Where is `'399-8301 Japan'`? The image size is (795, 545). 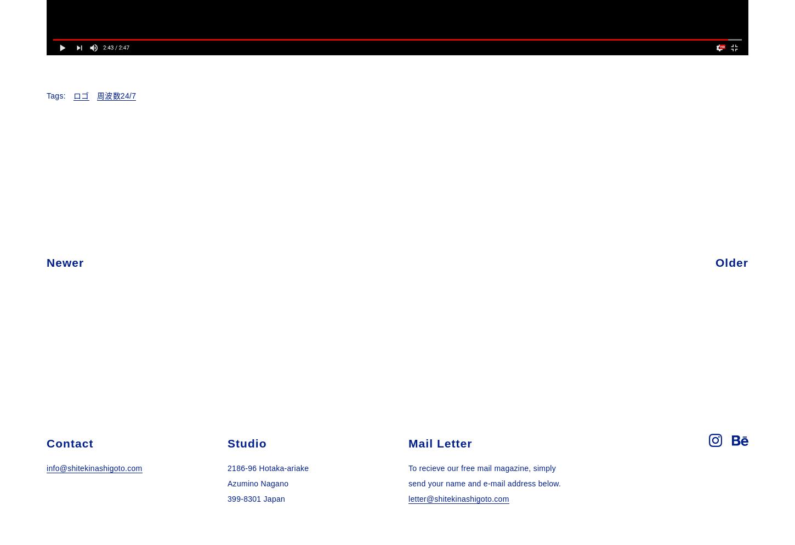
'399-8301 Japan' is located at coordinates (226, 498).